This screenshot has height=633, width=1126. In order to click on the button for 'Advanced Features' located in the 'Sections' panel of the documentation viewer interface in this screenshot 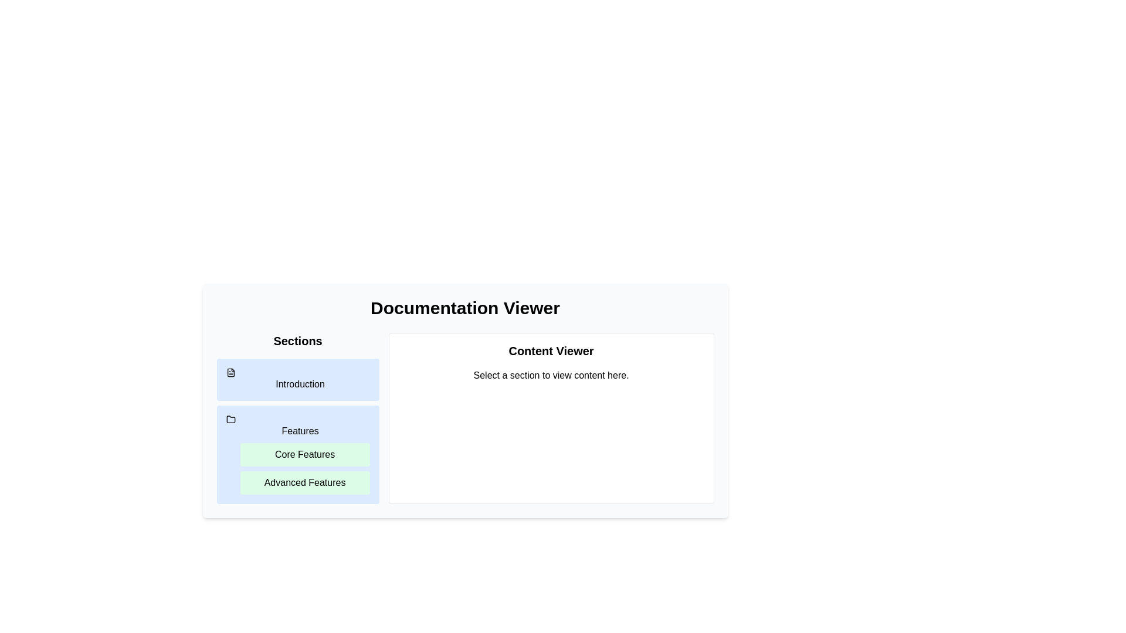, I will do `click(305, 483)`.